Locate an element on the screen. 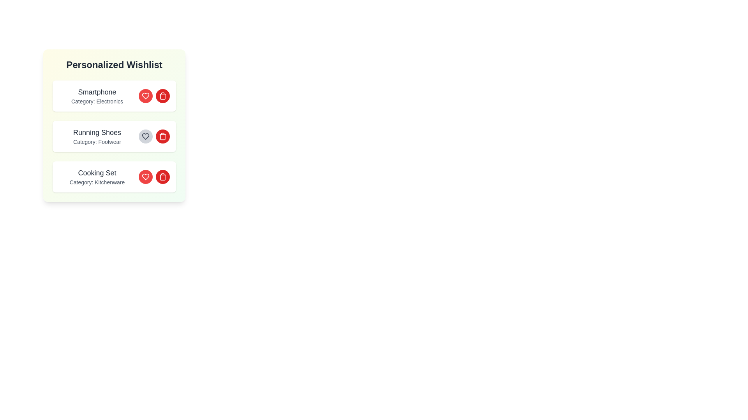 This screenshot has width=748, height=420. the delete button for the item with name Smartphone is located at coordinates (162, 95).